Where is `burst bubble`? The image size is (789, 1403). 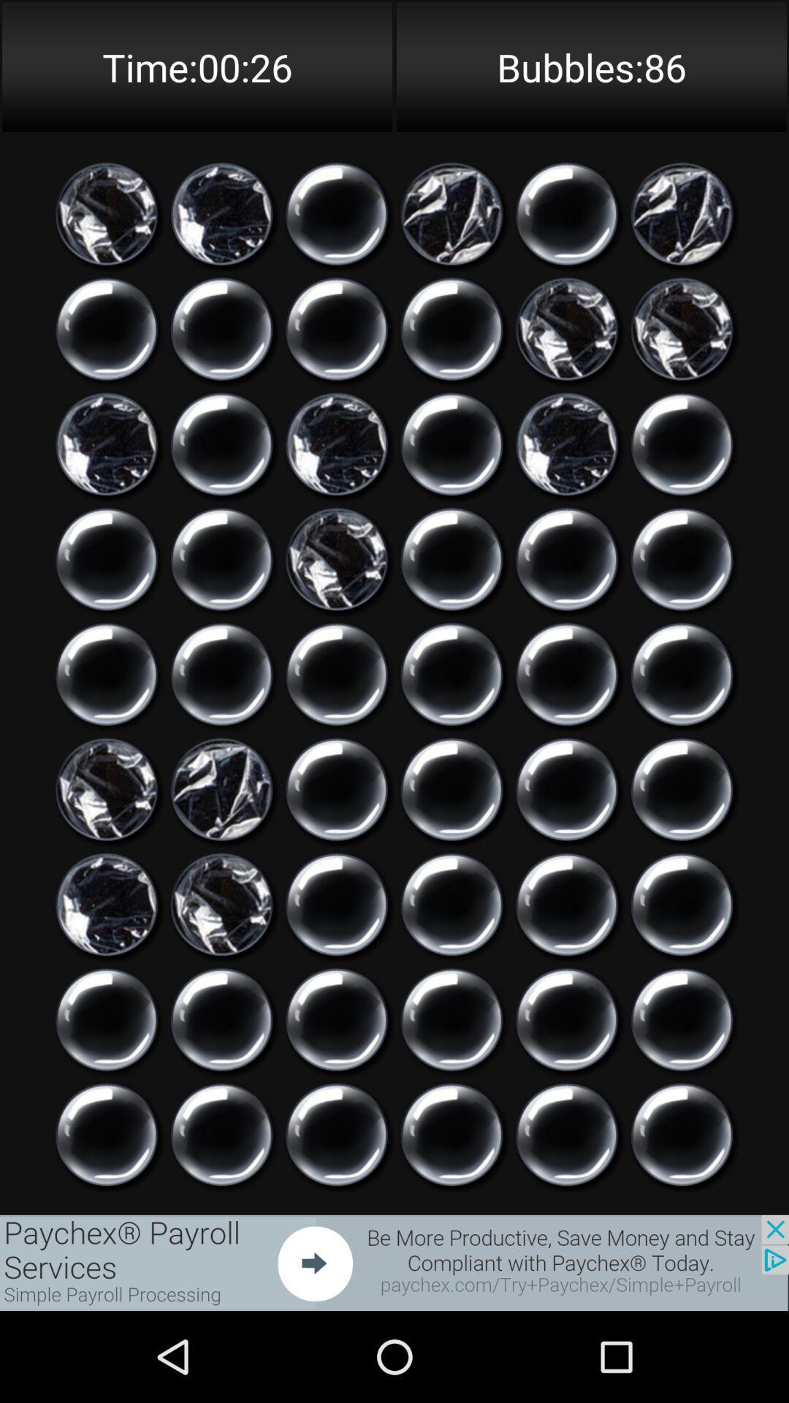
burst bubble is located at coordinates (566, 788).